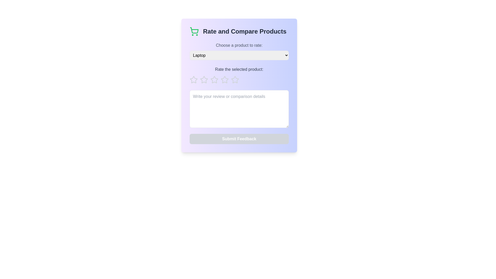 The width and height of the screenshot is (496, 279). I want to click on the shopping cart icon located in the 'Rate and Compare Products' section, which indicates functionality related to shopping and product comparison, so click(194, 30).